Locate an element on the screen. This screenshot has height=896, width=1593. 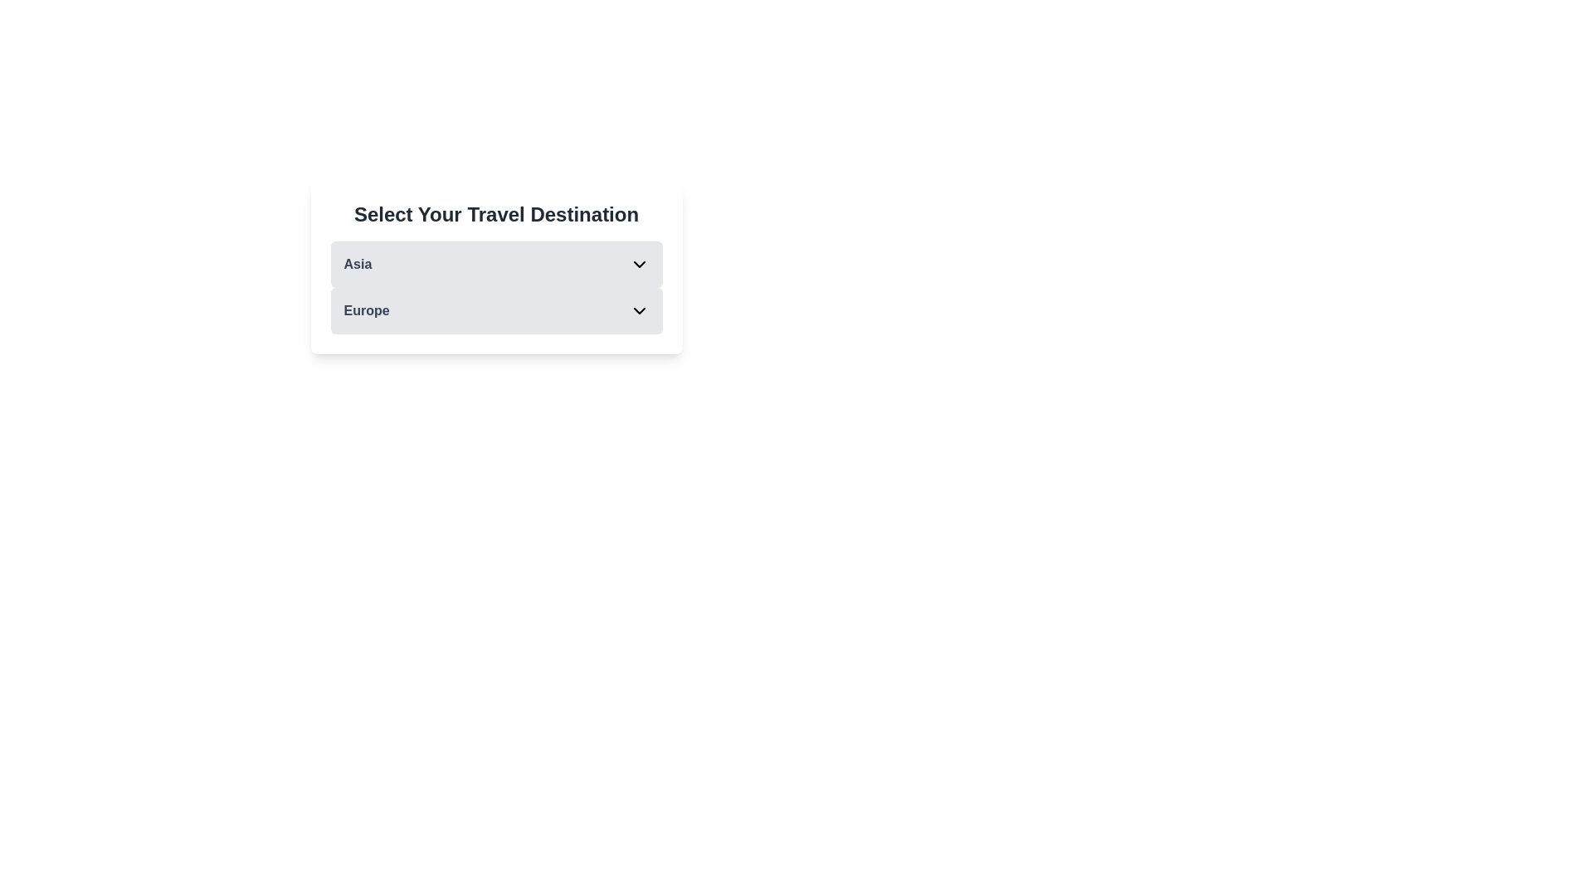
the 'Asia' dropdown option in the travel destination selection menu is located at coordinates (495, 264).